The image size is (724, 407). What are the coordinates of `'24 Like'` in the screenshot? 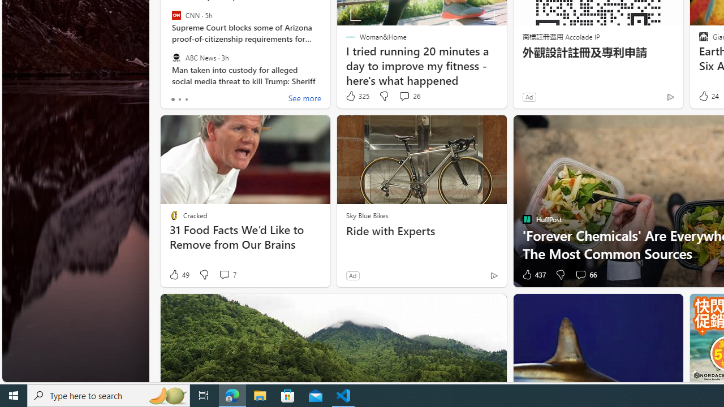 It's located at (707, 96).